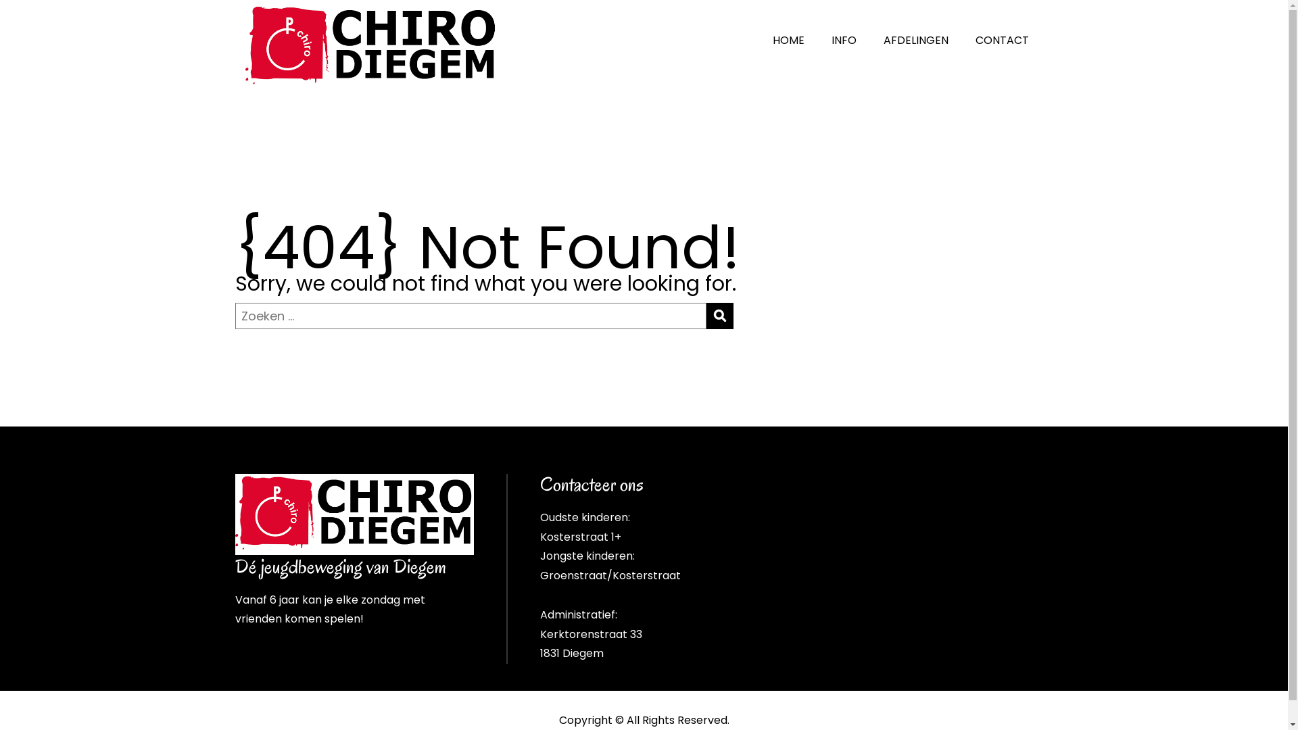 The width and height of the screenshot is (1298, 730). Describe the element at coordinates (843, 40) in the screenshot. I see `'INFO'` at that location.